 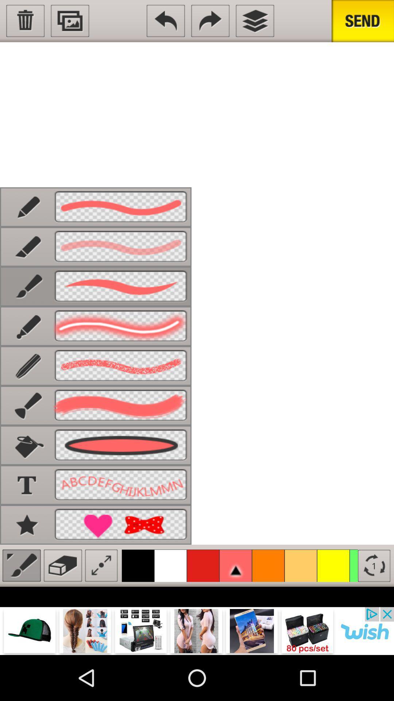 What do you see at coordinates (254, 21) in the screenshot?
I see `duplicate merge and reorder layers` at bounding box center [254, 21].